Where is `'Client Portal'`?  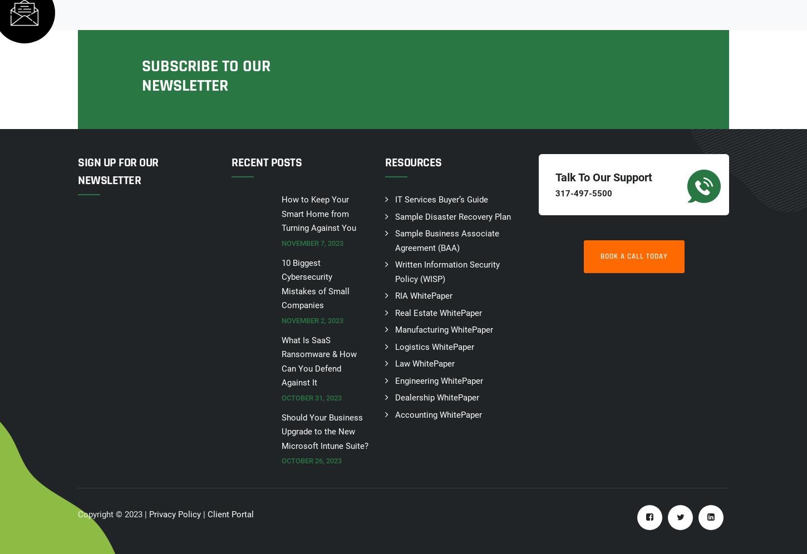 'Client Portal' is located at coordinates (230, 514).